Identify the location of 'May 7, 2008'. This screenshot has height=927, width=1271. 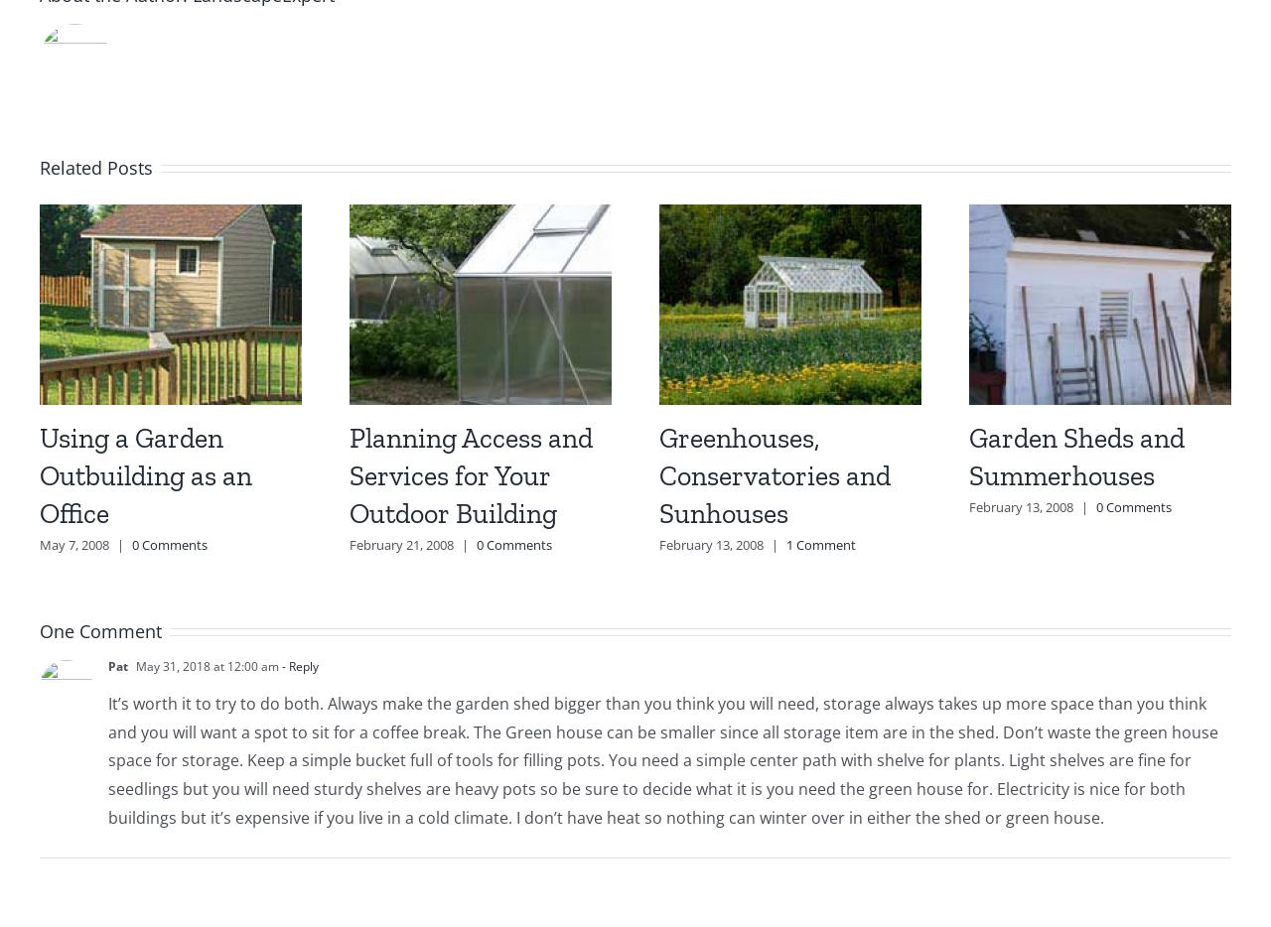
(74, 545).